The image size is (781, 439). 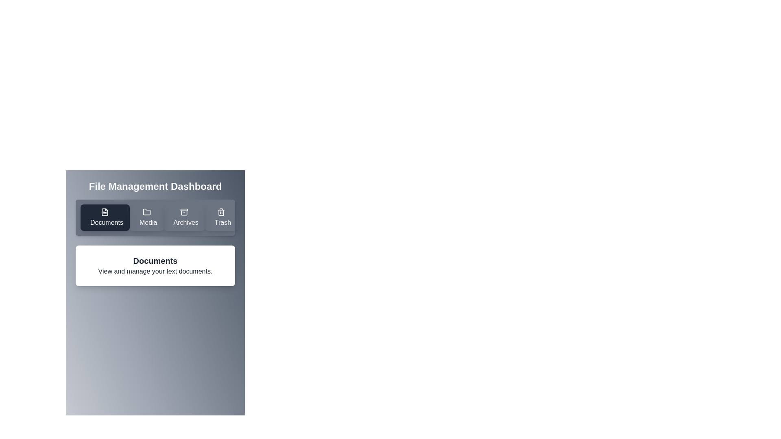 I want to click on the tab button corresponding to Documents, so click(x=105, y=217).